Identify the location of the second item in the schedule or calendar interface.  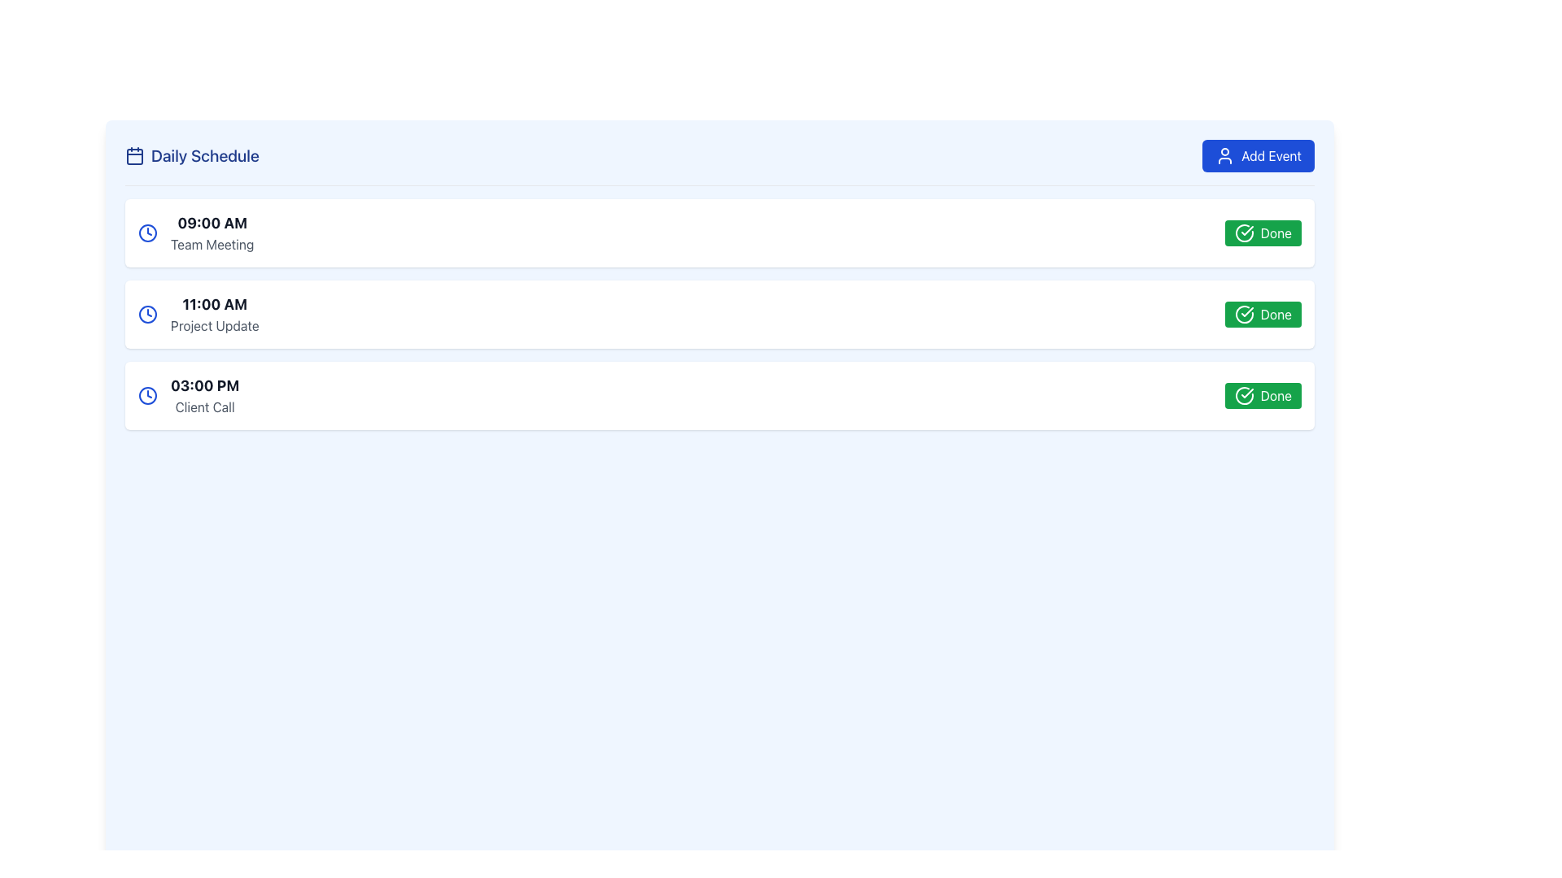
(214, 314).